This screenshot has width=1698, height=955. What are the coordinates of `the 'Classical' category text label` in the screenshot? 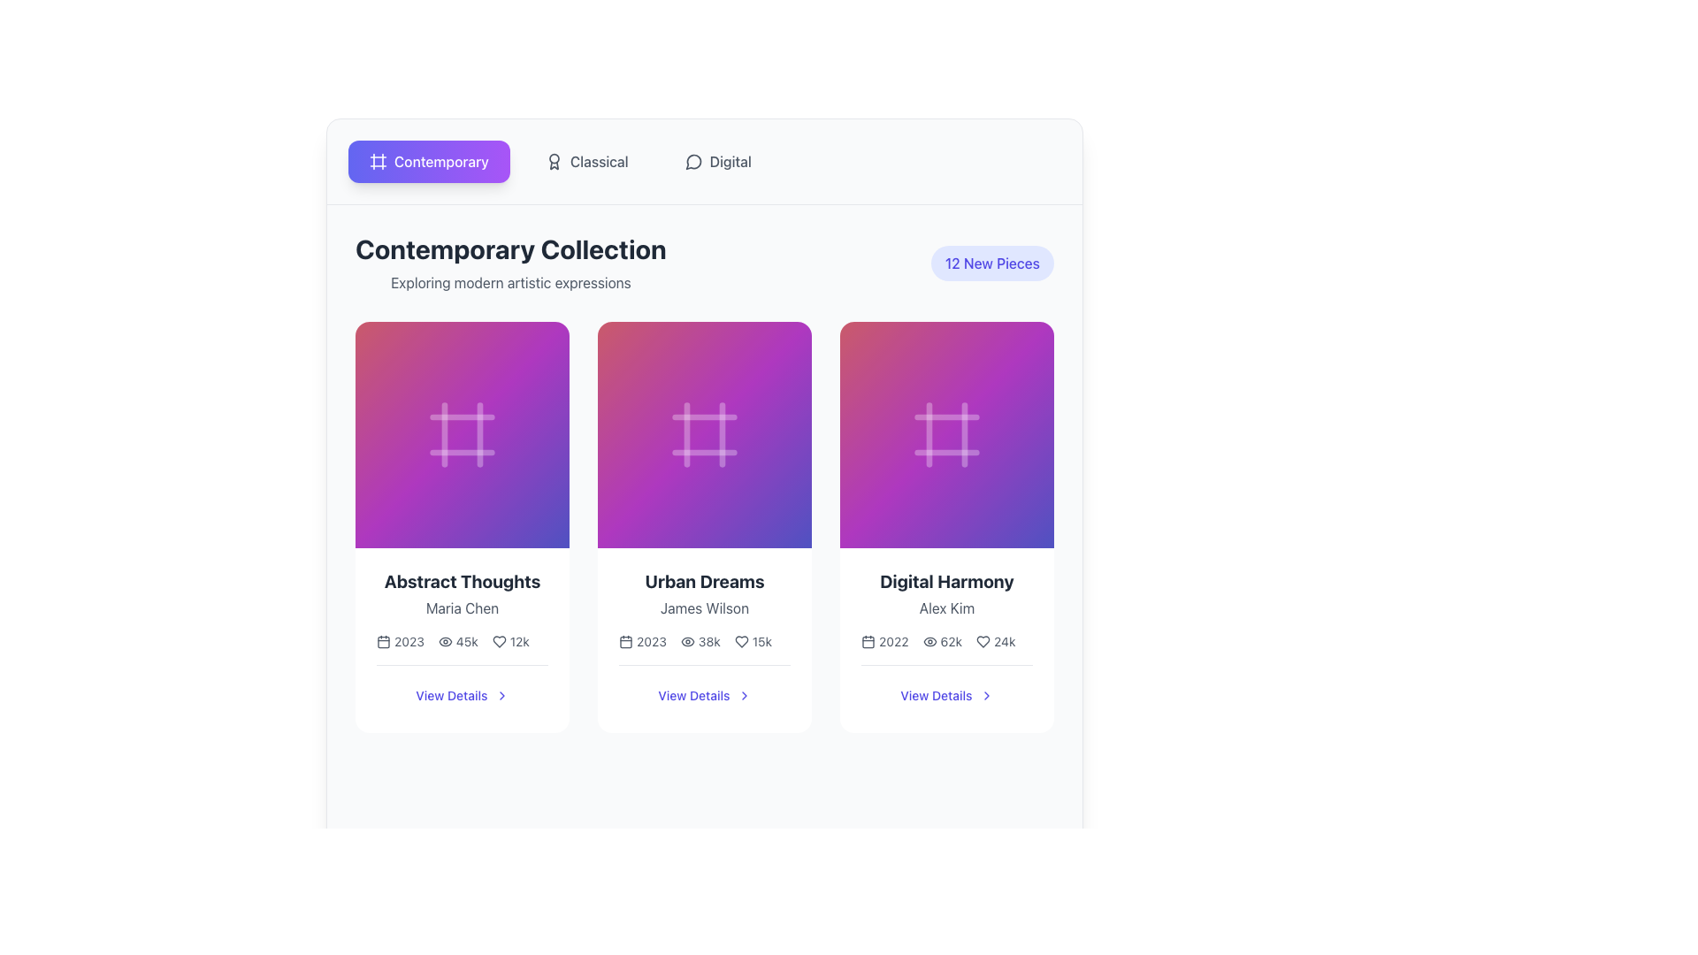 It's located at (599, 161).